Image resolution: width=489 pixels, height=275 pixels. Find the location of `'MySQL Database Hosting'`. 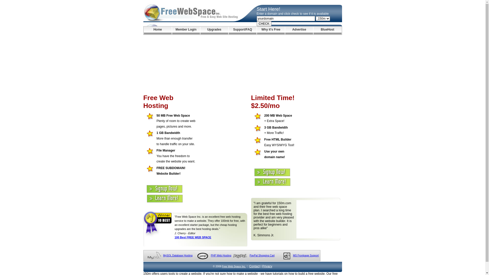

'MySQL Database Hosting' is located at coordinates (162, 255).